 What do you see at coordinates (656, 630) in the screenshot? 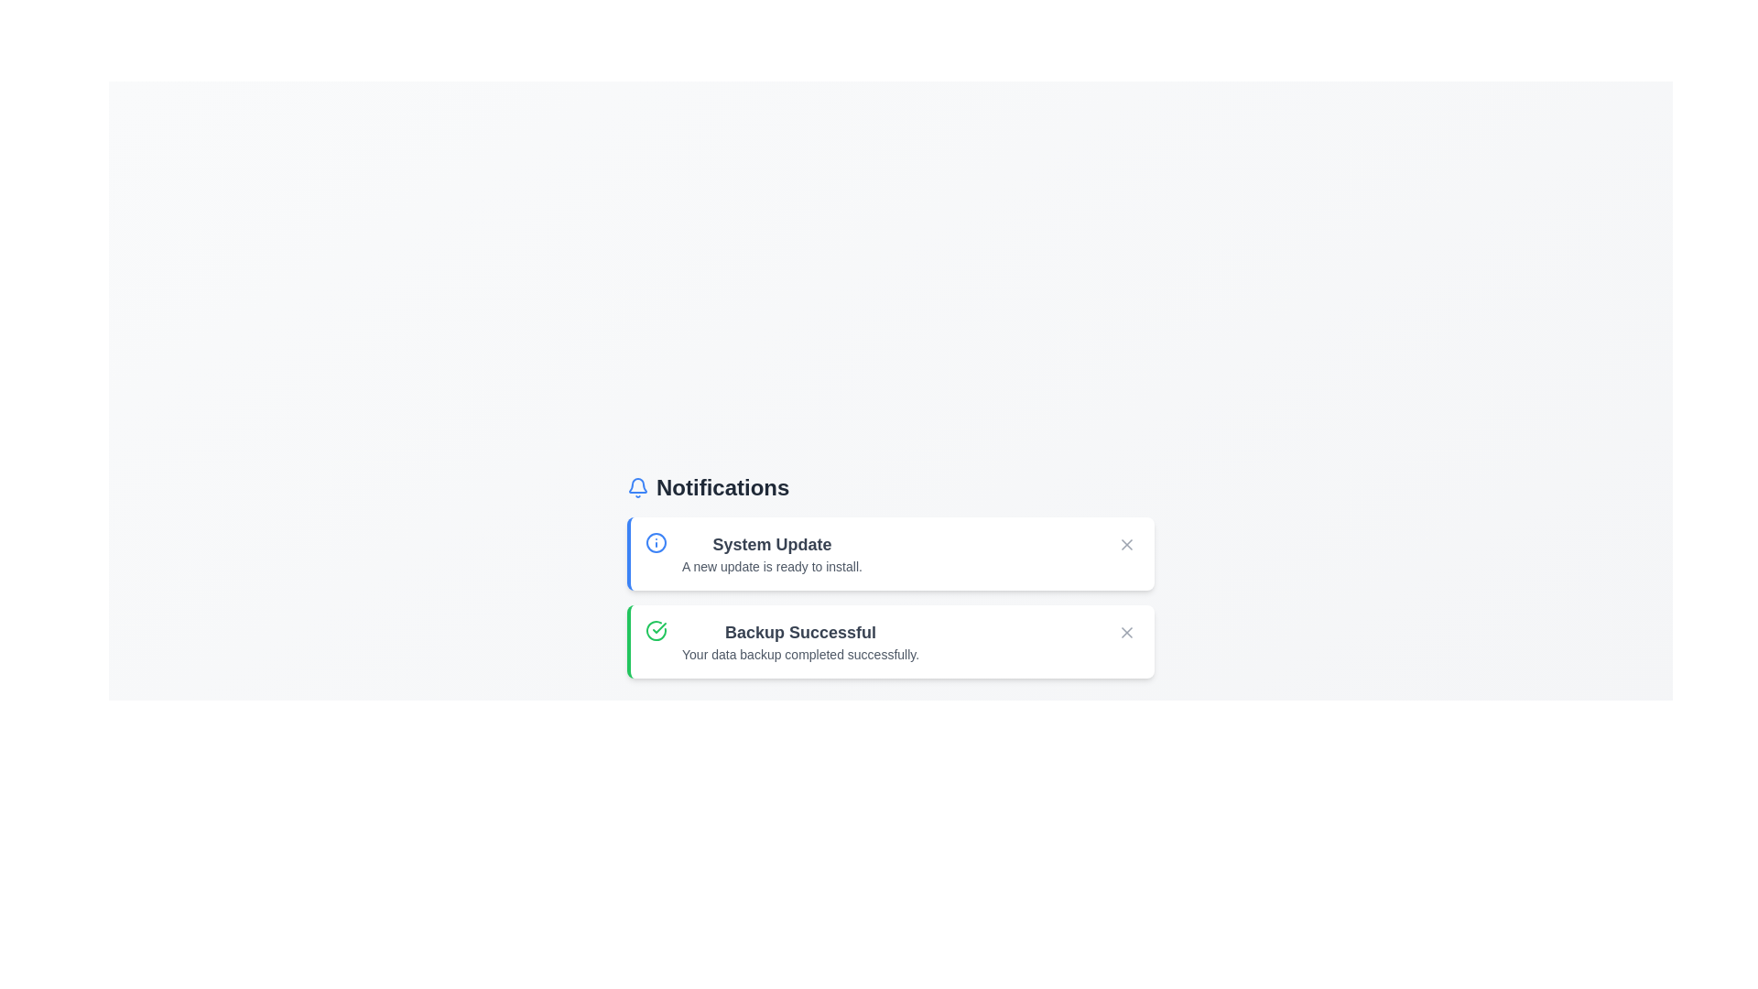
I see `the visual indicator icon confirming the success of the backup process, located at the upper-left corner of the 'Backup Successful' notification box` at bounding box center [656, 630].